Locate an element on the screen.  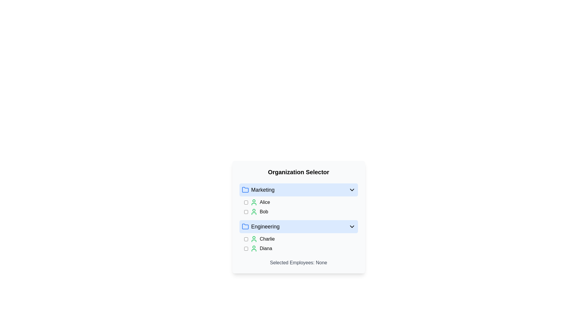
the checkbox is located at coordinates (301, 202).